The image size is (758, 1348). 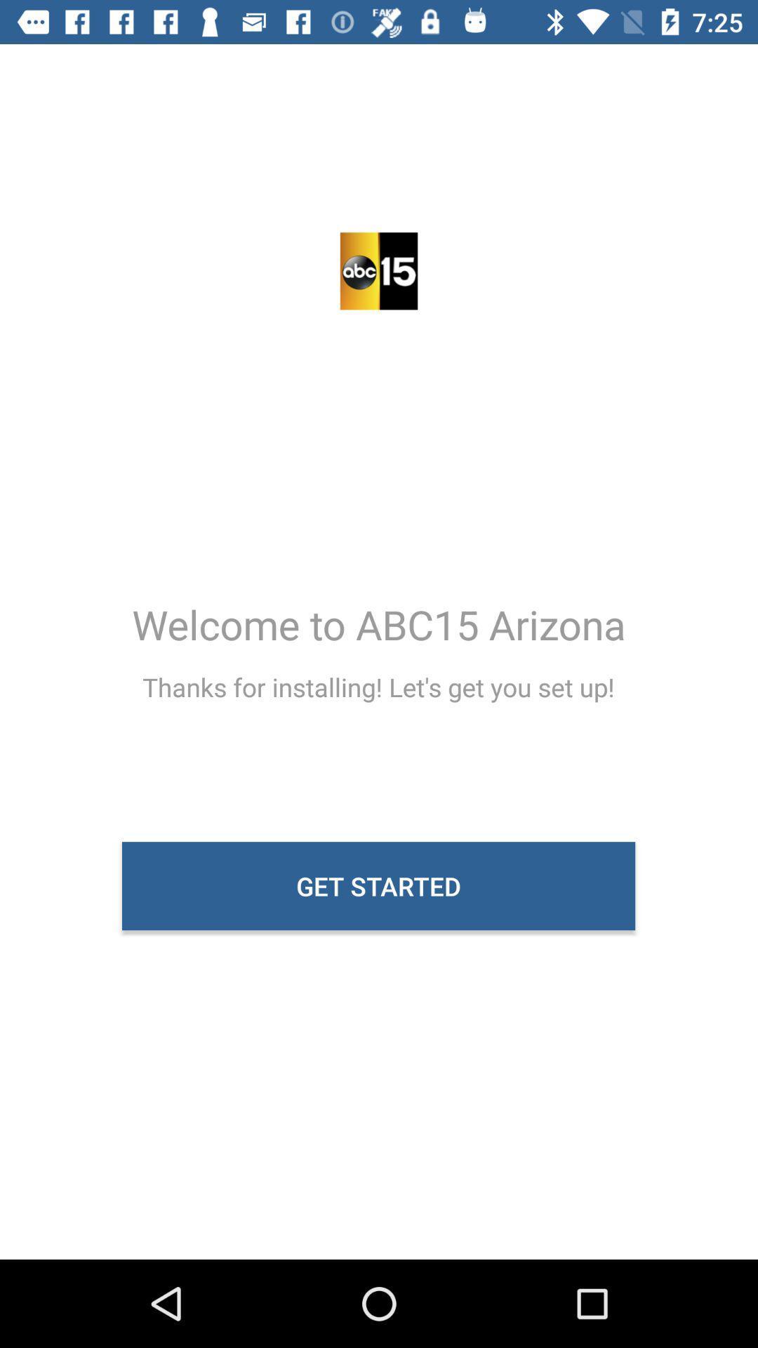 What do you see at coordinates (378, 885) in the screenshot?
I see `get started item` at bounding box center [378, 885].